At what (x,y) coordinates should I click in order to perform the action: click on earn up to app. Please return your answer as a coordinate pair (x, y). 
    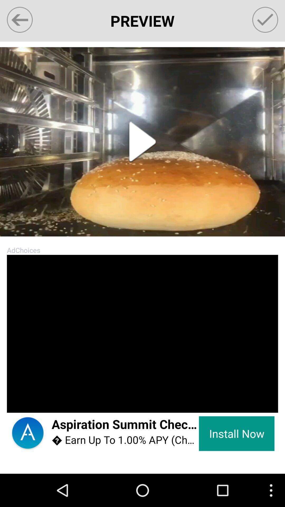
    Looking at the image, I should click on (125, 440).